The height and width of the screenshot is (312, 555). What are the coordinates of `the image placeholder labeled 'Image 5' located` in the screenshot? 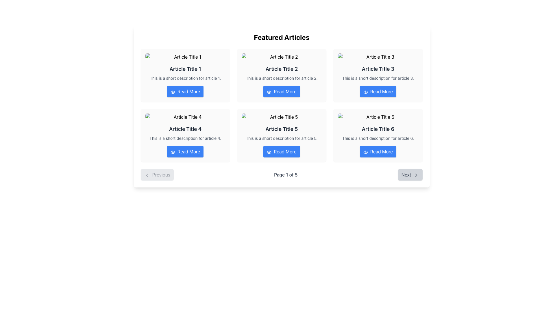 It's located at (282, 117).